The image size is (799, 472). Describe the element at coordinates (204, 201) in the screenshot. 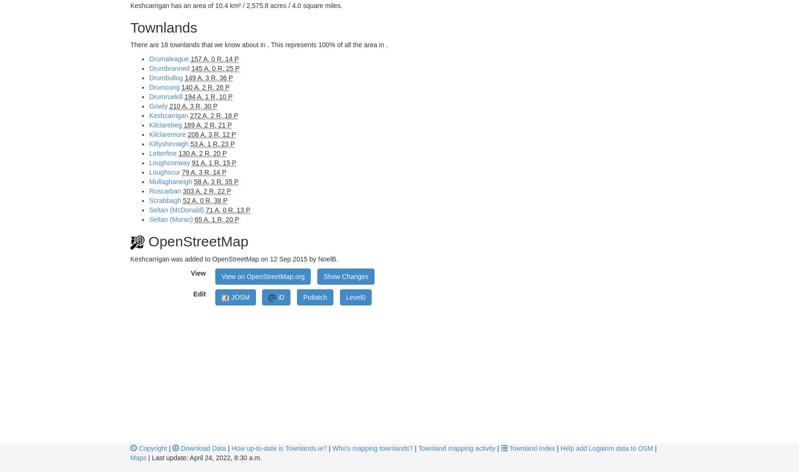

I see `'52 A, 0 R, 38 P'` at that location.